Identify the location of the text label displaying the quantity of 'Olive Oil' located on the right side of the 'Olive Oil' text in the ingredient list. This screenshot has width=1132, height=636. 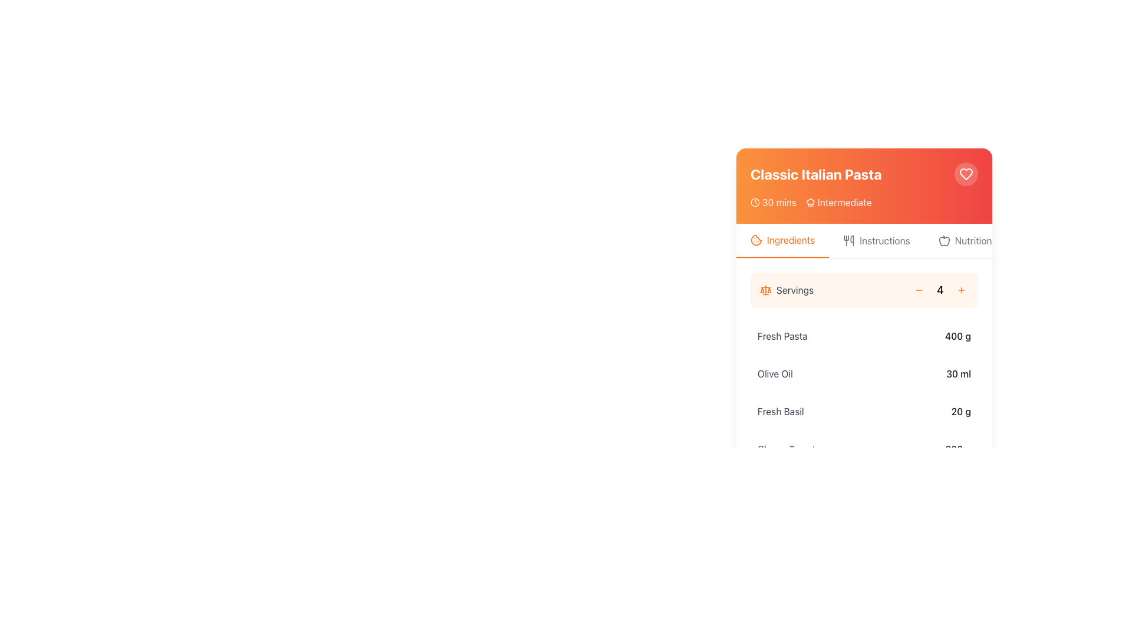
(959, 374).